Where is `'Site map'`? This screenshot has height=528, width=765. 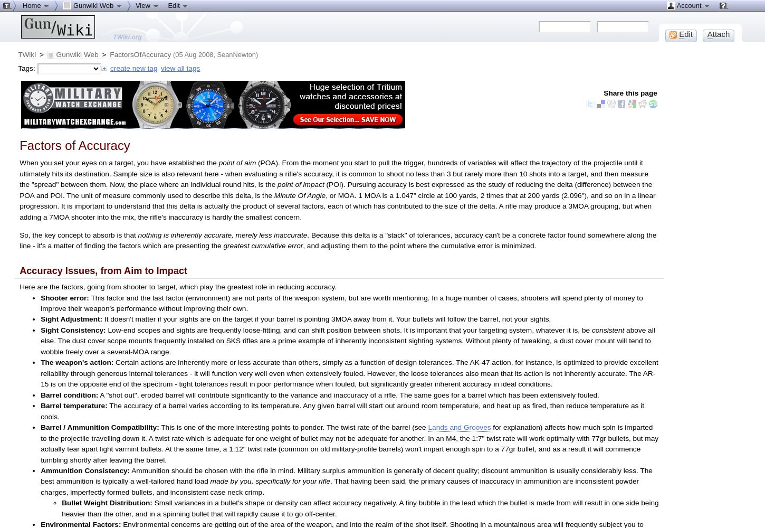 'Site map' is located at coordinates (45, 17).